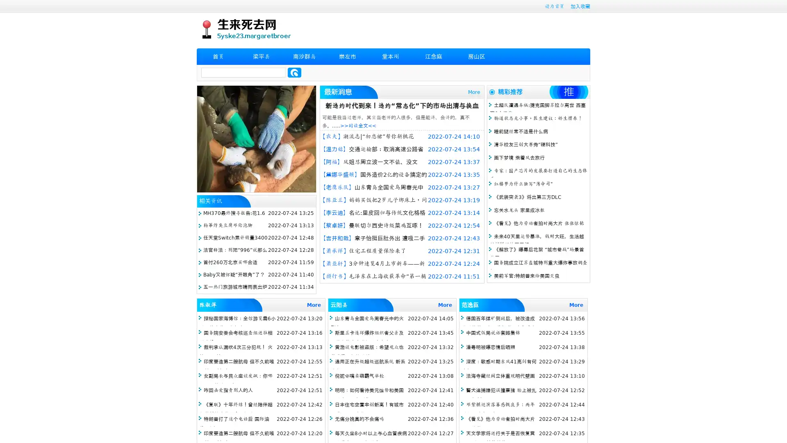 The width and height of the screenshot is (787, 443). Describe the element at coordinates (294, 72) in the screenshot. I see `Search` at that location.